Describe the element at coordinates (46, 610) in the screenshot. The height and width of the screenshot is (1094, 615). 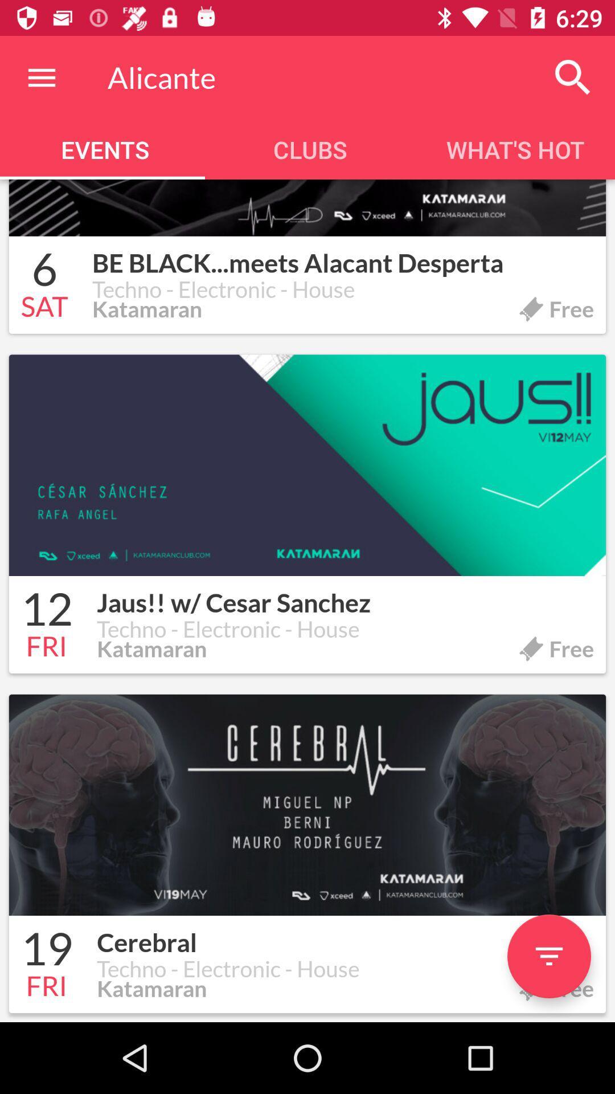
I see `item above the fri icon` at that location.